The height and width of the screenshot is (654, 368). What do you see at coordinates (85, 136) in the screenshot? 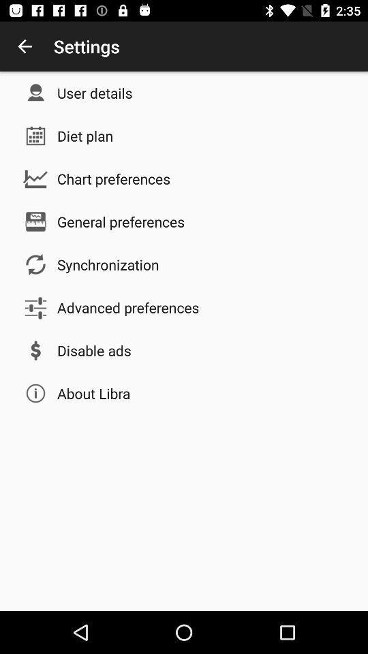
I see `the app below the user details item` at bounding box center [85, 136].